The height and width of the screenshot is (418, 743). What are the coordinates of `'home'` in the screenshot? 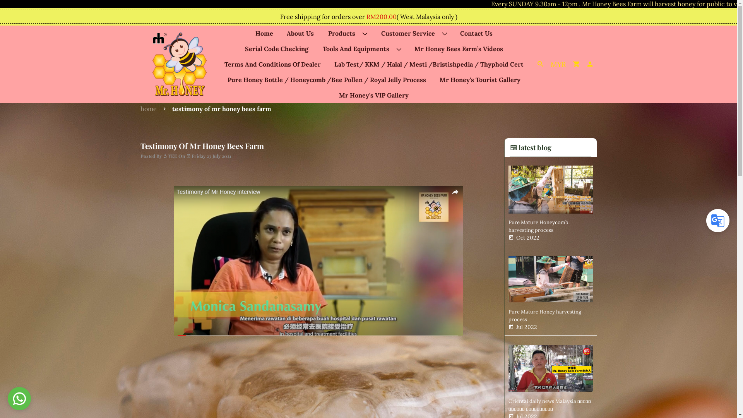 It's located at (140, 109).